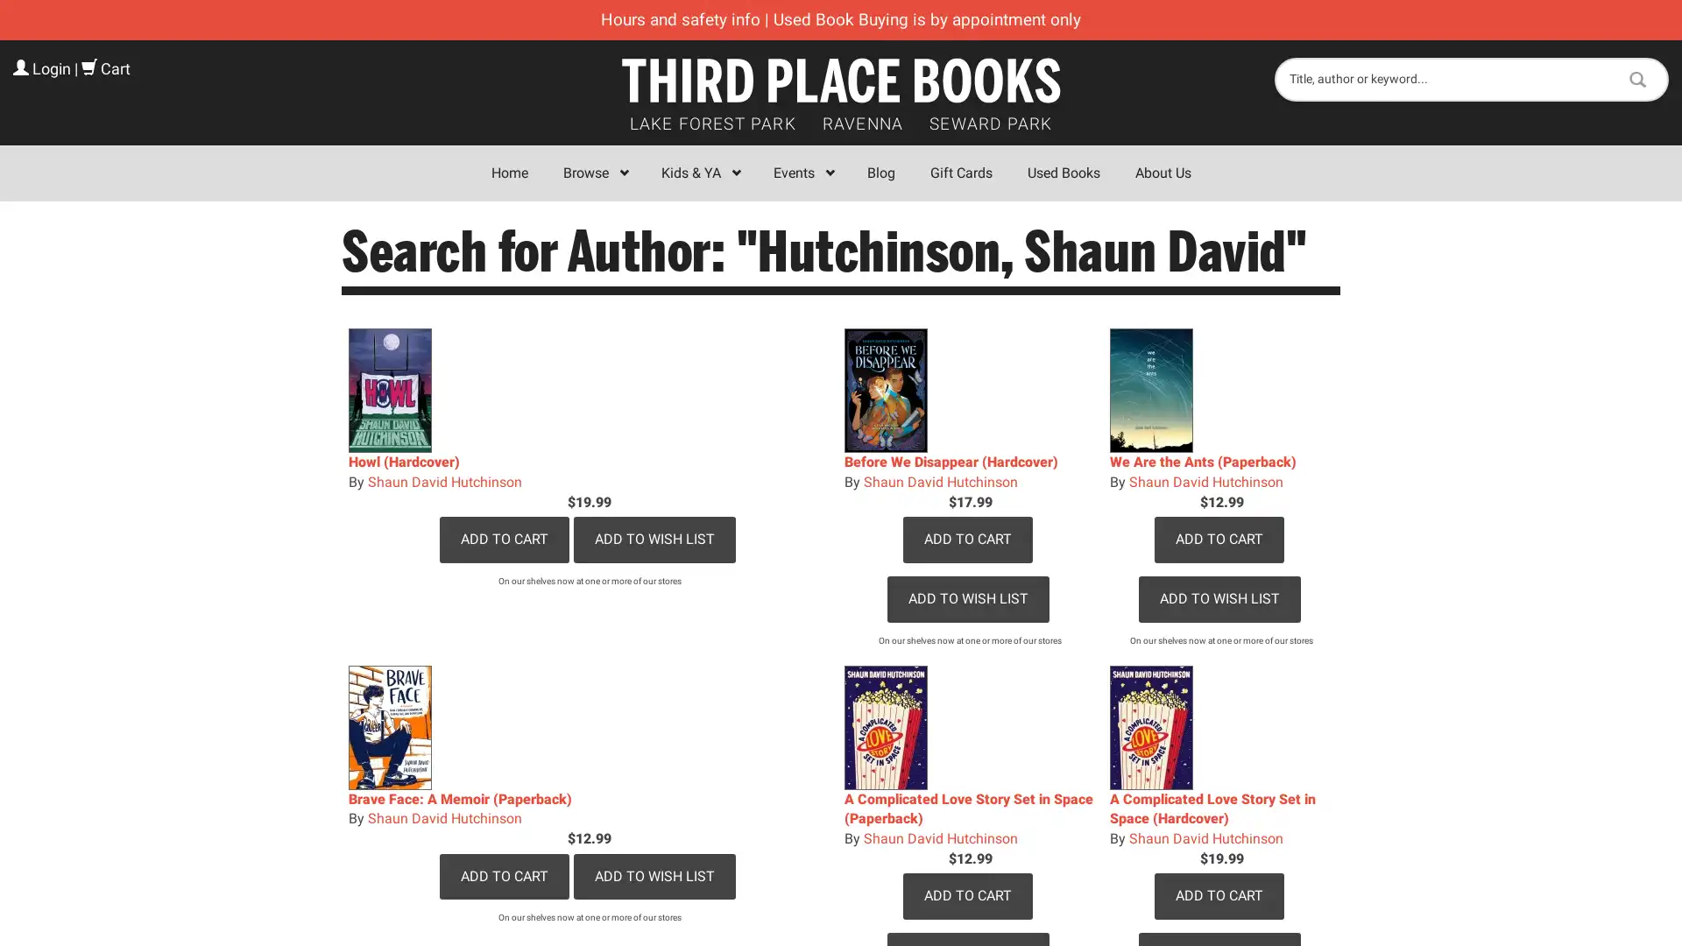 This screenshot has width=1682, height=946. I want to click on Close, so click(1096, 257).